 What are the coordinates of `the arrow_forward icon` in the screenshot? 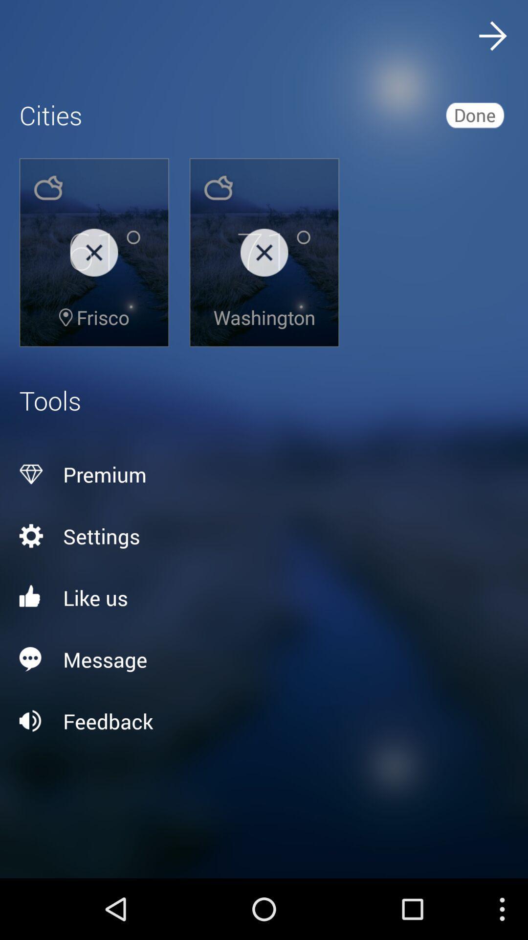 It's located at (492, 38).